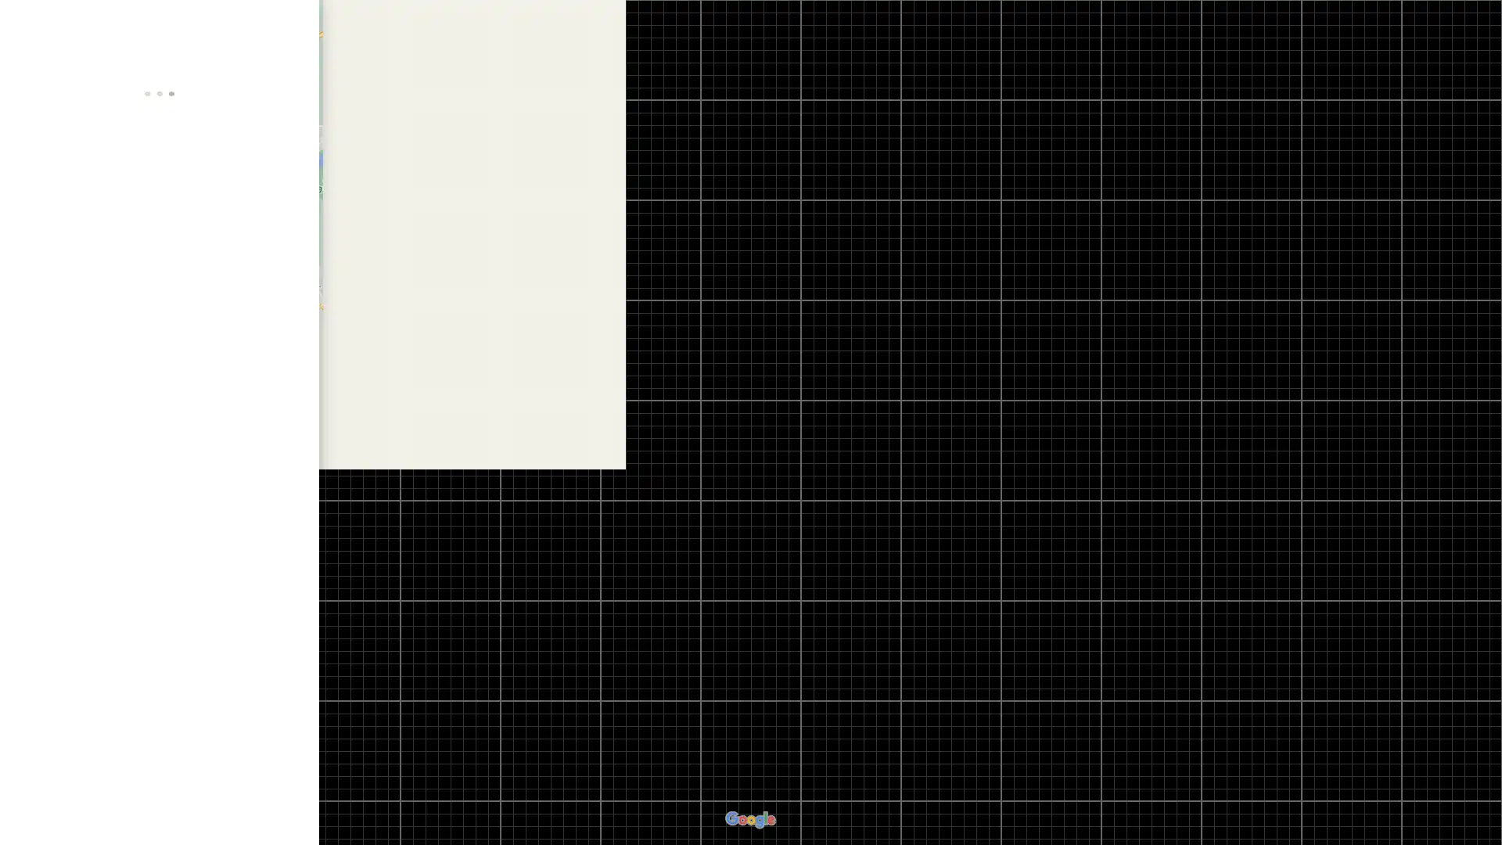 The width and height of the screenshot is (1502, 845). I want to click on Menu, so click(27, 27).